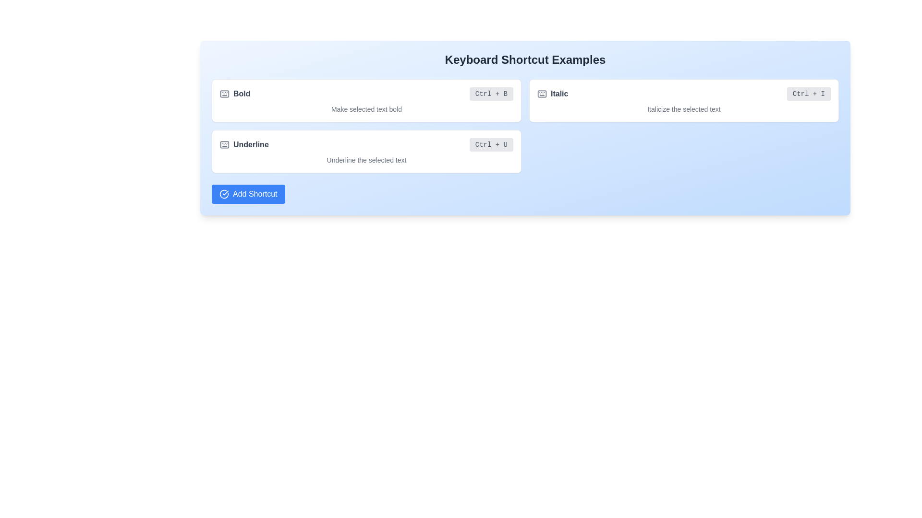 This screenshot has height=518, width=922. Describe the element at coordinates (242, 94) in the screenshot. I see `the text label that describes the keyboard shortcut for applying bold formatting, located in the upper-left section of the interface, adjacent to a keyboard icon` at that location.